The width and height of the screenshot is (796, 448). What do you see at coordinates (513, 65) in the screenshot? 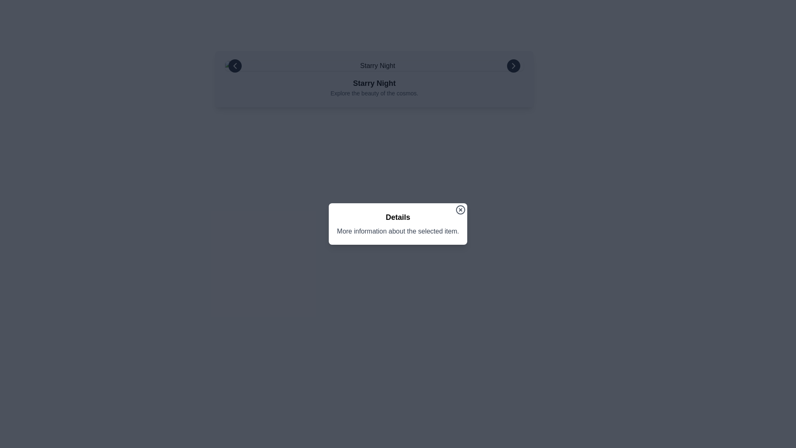
I see `the right-arrow icon in the top-right corner of the 'Starry Night' card, which indicates a forward action` at bounding box center [513, 65].